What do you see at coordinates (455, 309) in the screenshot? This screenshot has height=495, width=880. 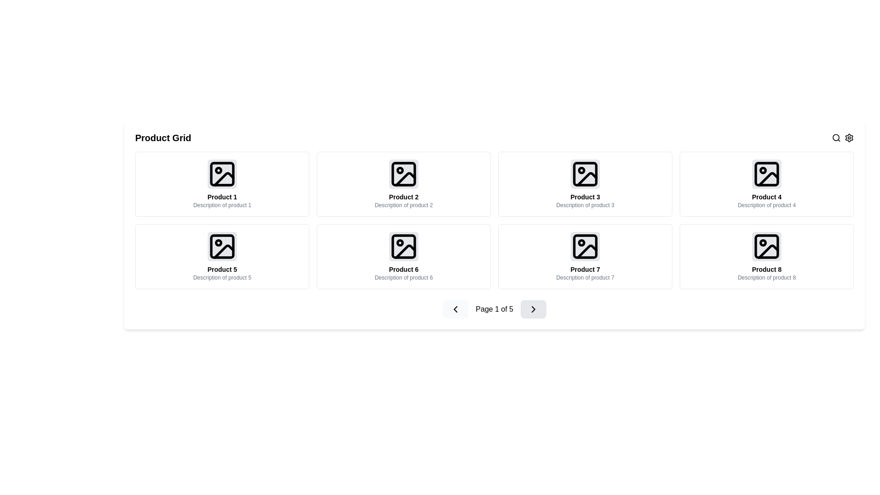 I see `the left-pointing chevron button, which is an SVG graphic used for navigation` at bounding box center [455, 309].